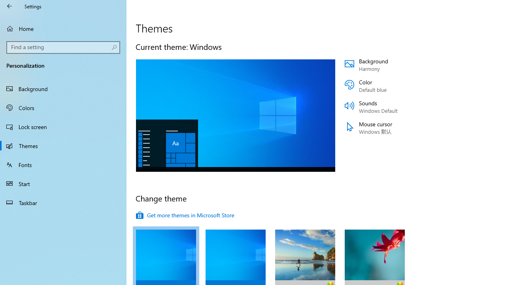 The height and width of the screenshot is (285, 506). Describe the element at coordinates (63, 126) in the screenshot. I see `'Lock screen'` at that location.